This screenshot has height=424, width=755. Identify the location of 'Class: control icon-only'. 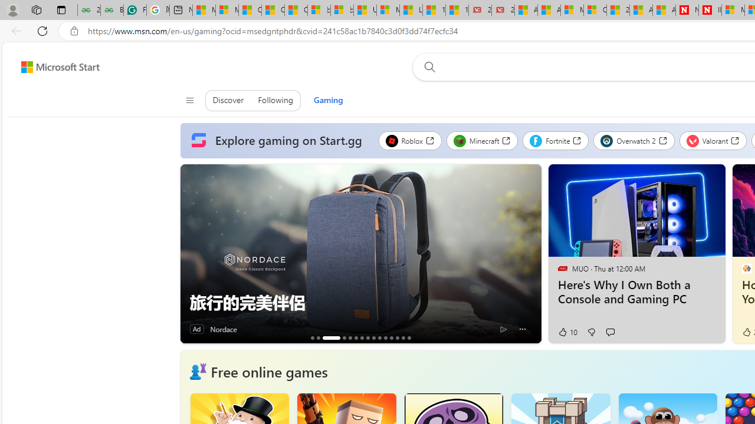
(189, 100).